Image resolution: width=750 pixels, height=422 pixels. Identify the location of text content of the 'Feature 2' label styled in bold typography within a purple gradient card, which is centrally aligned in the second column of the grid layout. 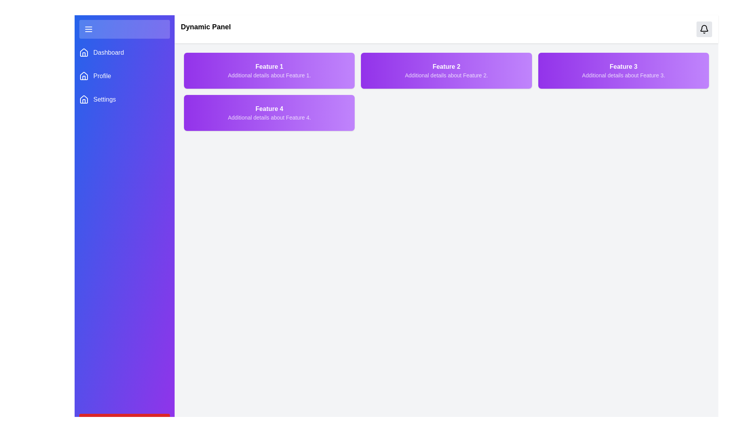
(446, 66).